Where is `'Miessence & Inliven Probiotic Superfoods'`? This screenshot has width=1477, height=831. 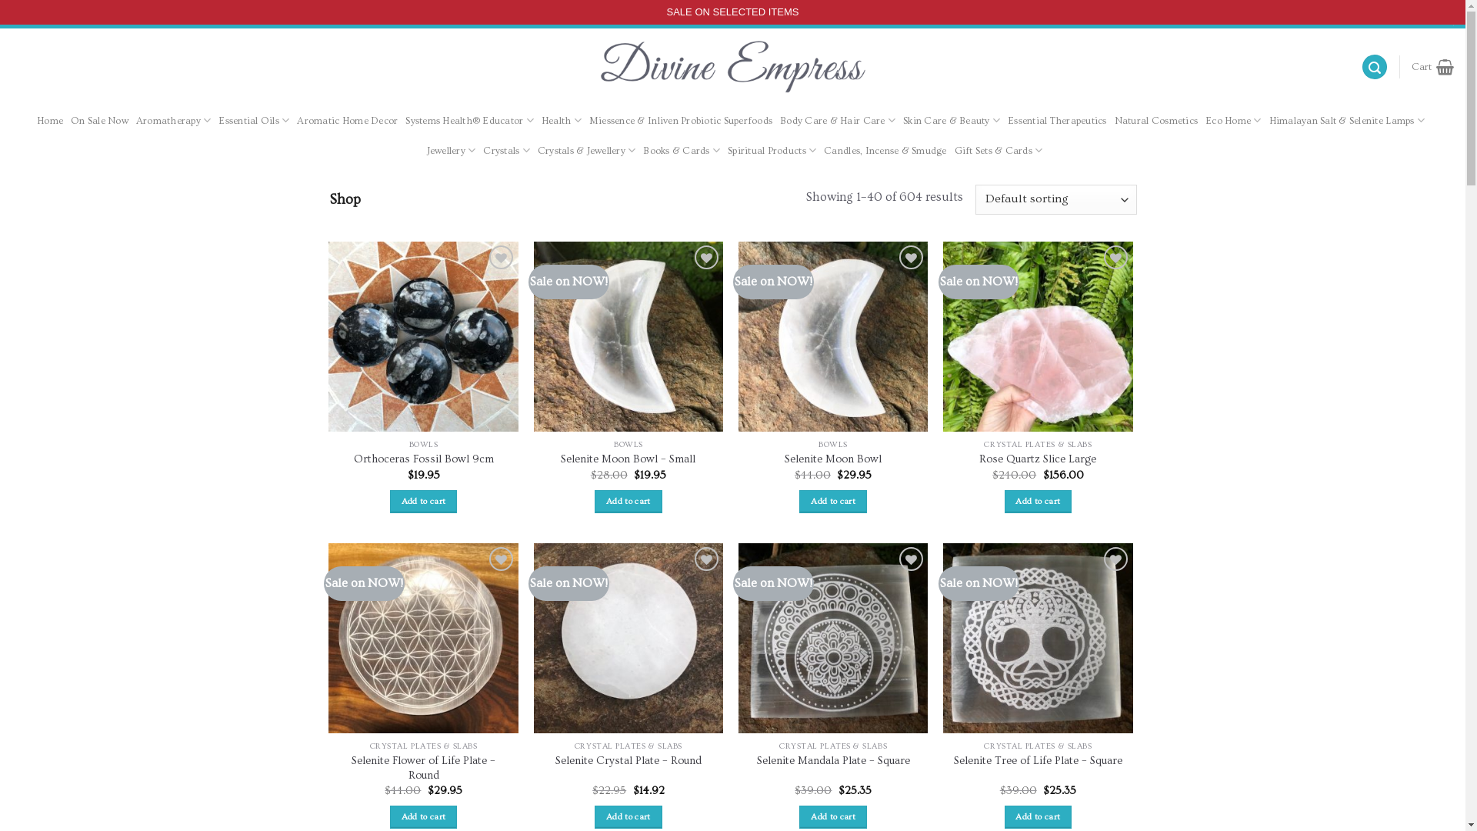
'Miessence & Inliven Probiotic Superfoods' is located at coordinates (679, 120).